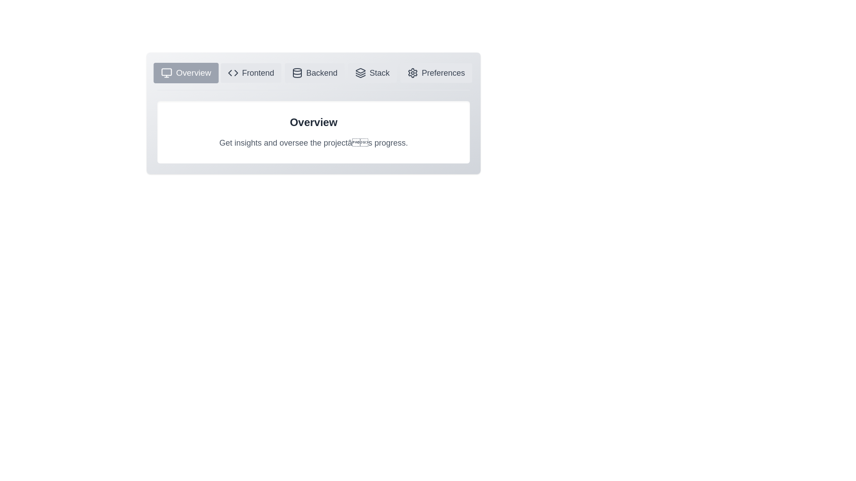 This screenshot has height=481, width=856. Describe the element at coordinates (372, 73) in the screenshot. I see `the icon of the Stack tab` at that location.